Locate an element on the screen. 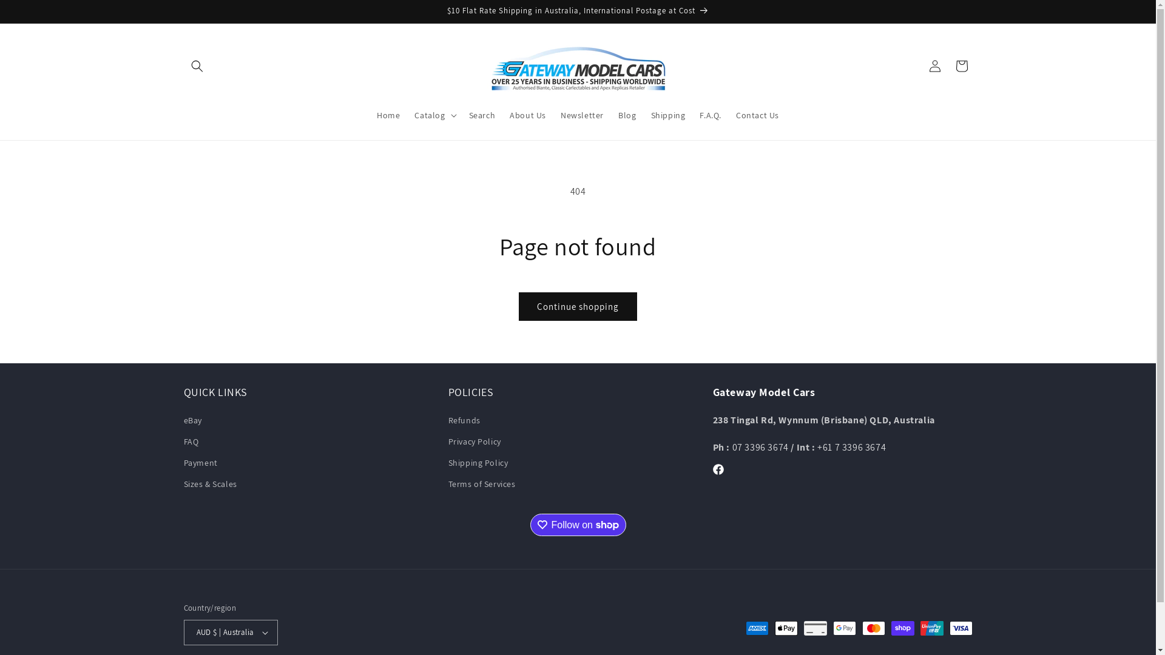 This screenshot has width=1165, height=655. 'Home' is located at coordinates (387, 115).